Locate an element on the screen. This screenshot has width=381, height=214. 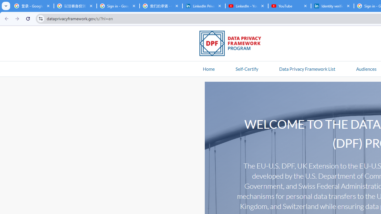
'Self-Certify' is located at coordinates (247, 68).